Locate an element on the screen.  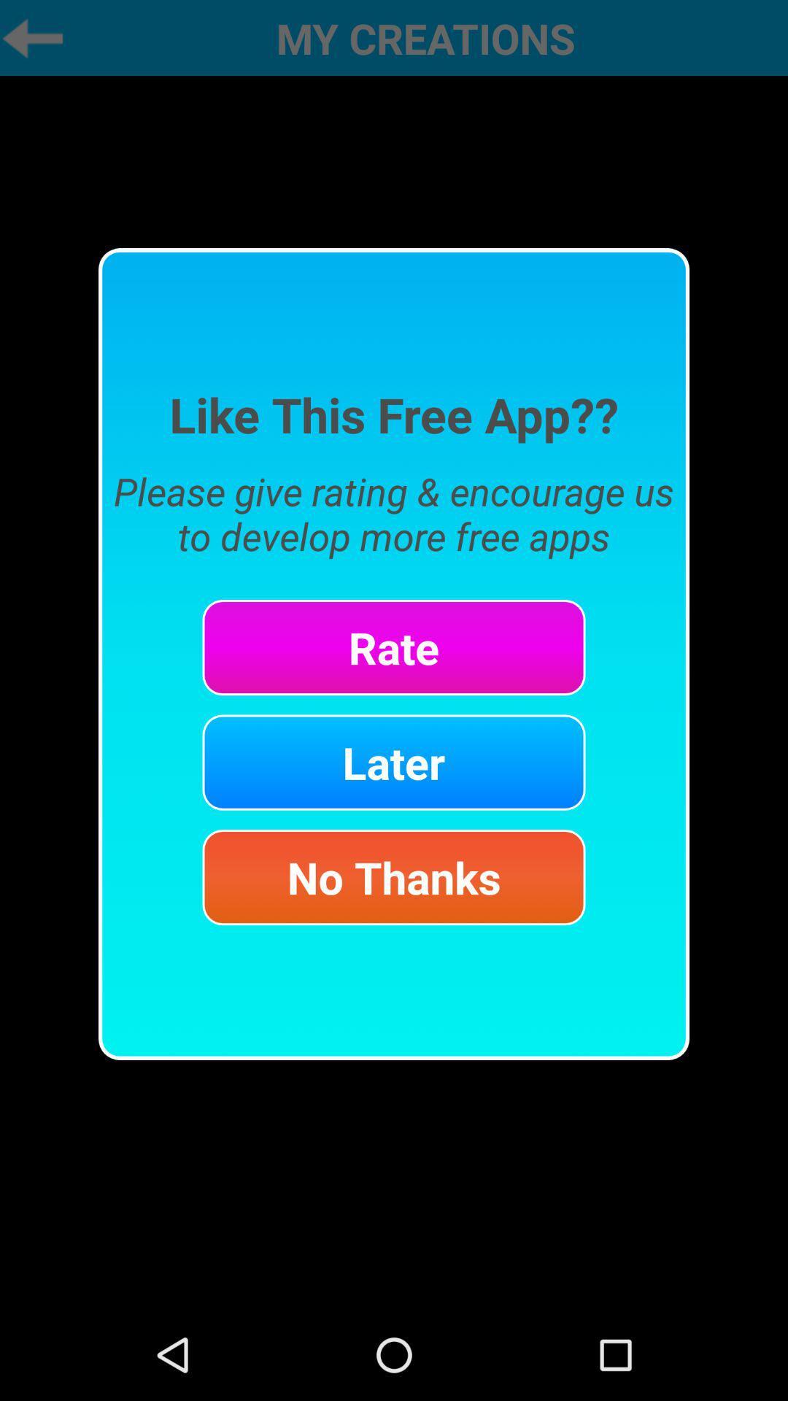
icon above the later icon is located at coordinates (394, 647).